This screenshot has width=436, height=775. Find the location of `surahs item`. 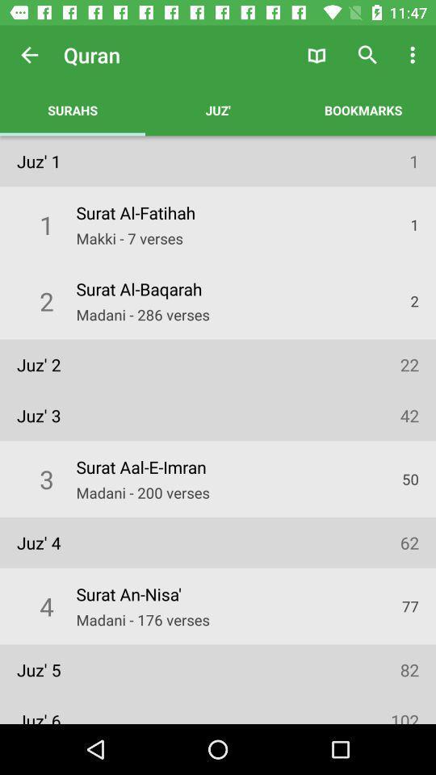

surahs item is located at coordinates (72, 109).